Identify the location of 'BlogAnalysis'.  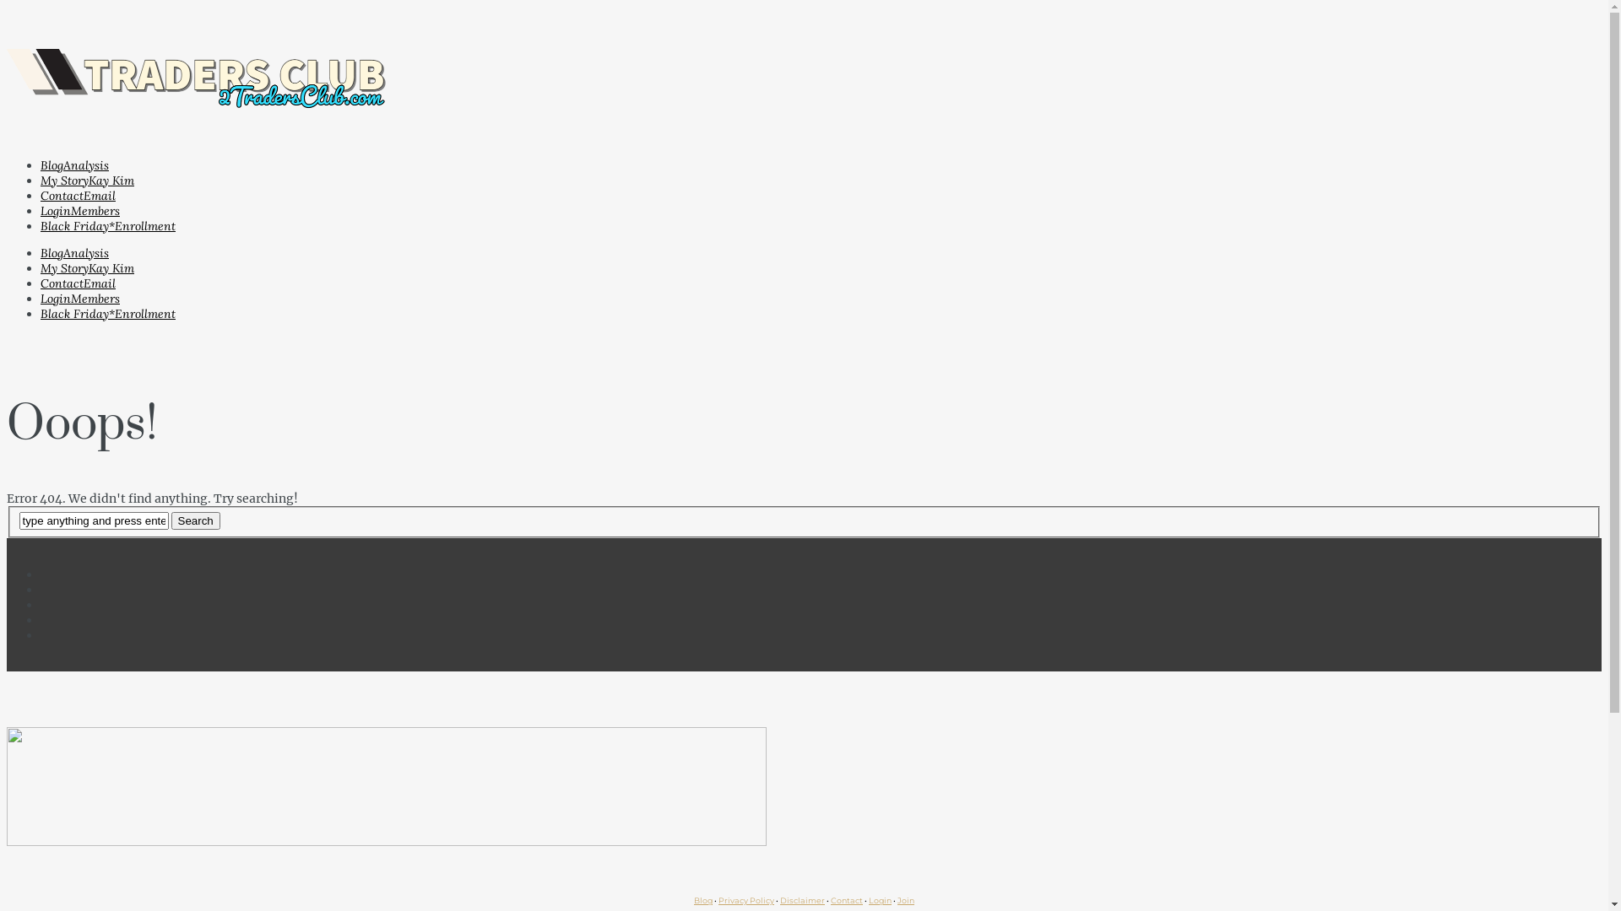
(73, 164).